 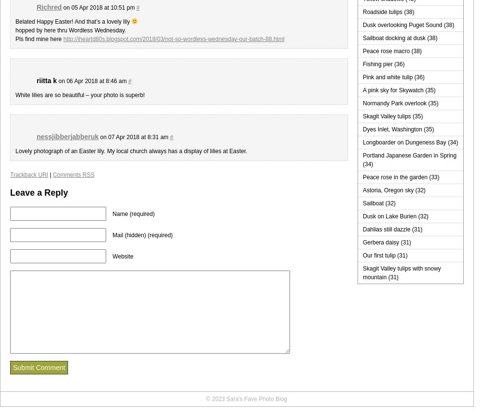 What do you see at coordinates (15, 29) in the screenshot?
I see `'hopped by here thru Wordless Wednesday.'` at bounding box center [15, 29].